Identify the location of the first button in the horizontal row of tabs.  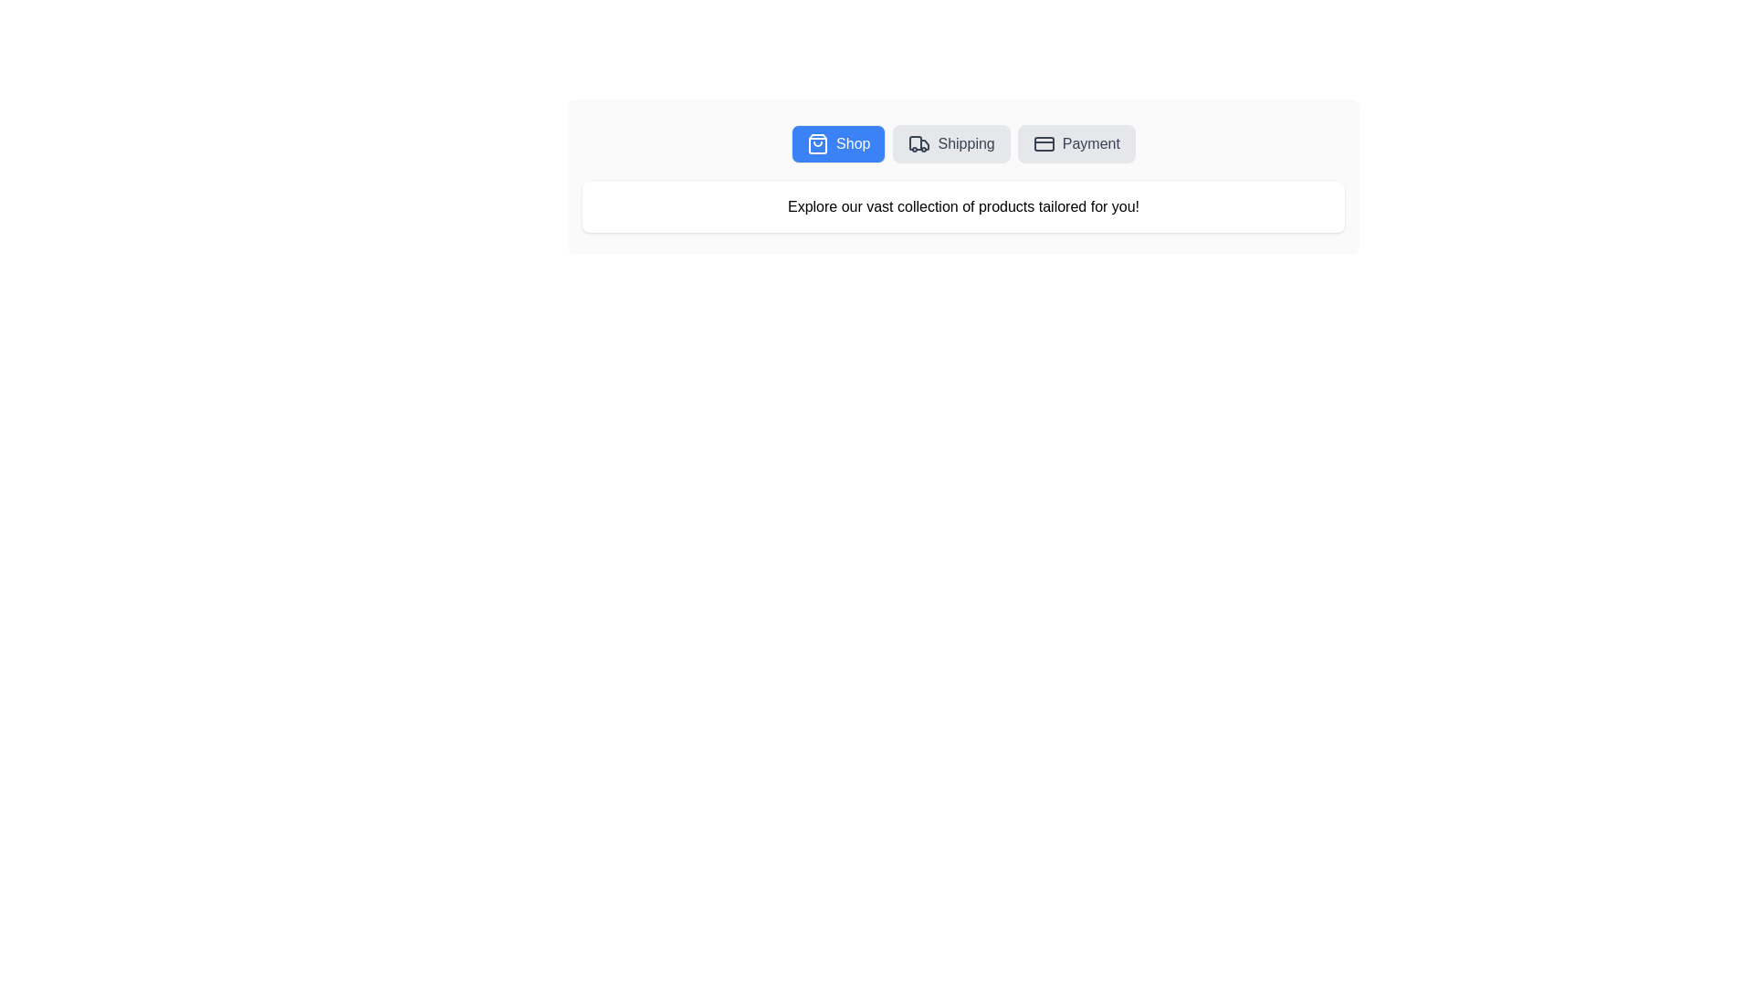
(837, 143).